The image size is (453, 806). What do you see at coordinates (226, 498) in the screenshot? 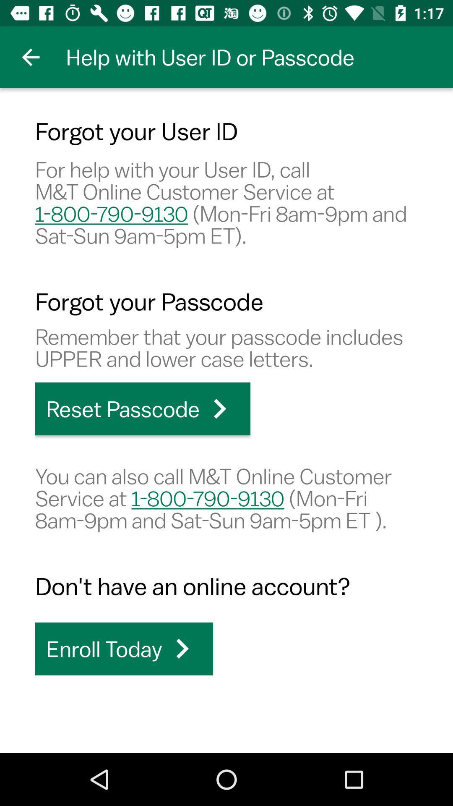
I see `you can also item` at bounding box center [226, 498].